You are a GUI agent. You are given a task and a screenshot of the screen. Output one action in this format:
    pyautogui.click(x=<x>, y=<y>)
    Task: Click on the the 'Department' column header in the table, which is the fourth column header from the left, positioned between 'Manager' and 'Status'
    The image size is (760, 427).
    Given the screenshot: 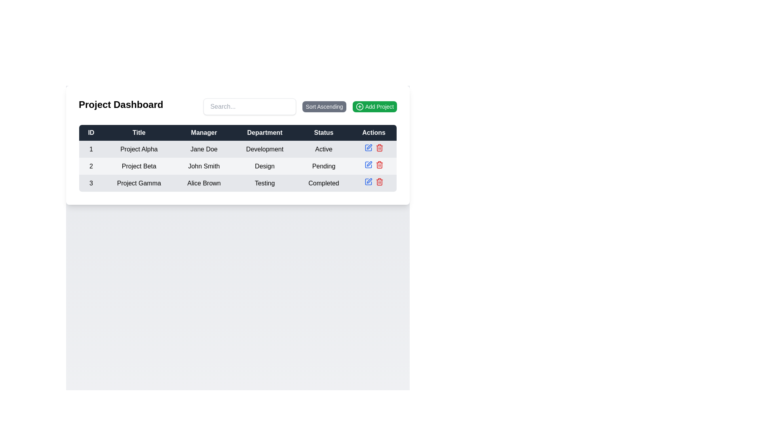 What is the action you would take?
    pyautogui.click(x=264, y=132)
    